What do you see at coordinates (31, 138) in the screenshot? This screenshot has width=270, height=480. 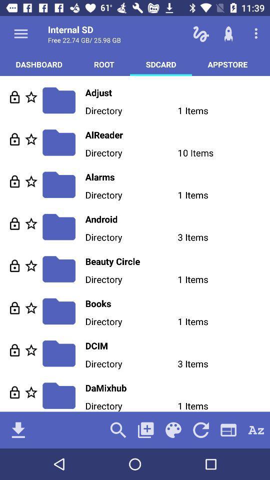 I see `bookmark` at bounding box center [31, 138].